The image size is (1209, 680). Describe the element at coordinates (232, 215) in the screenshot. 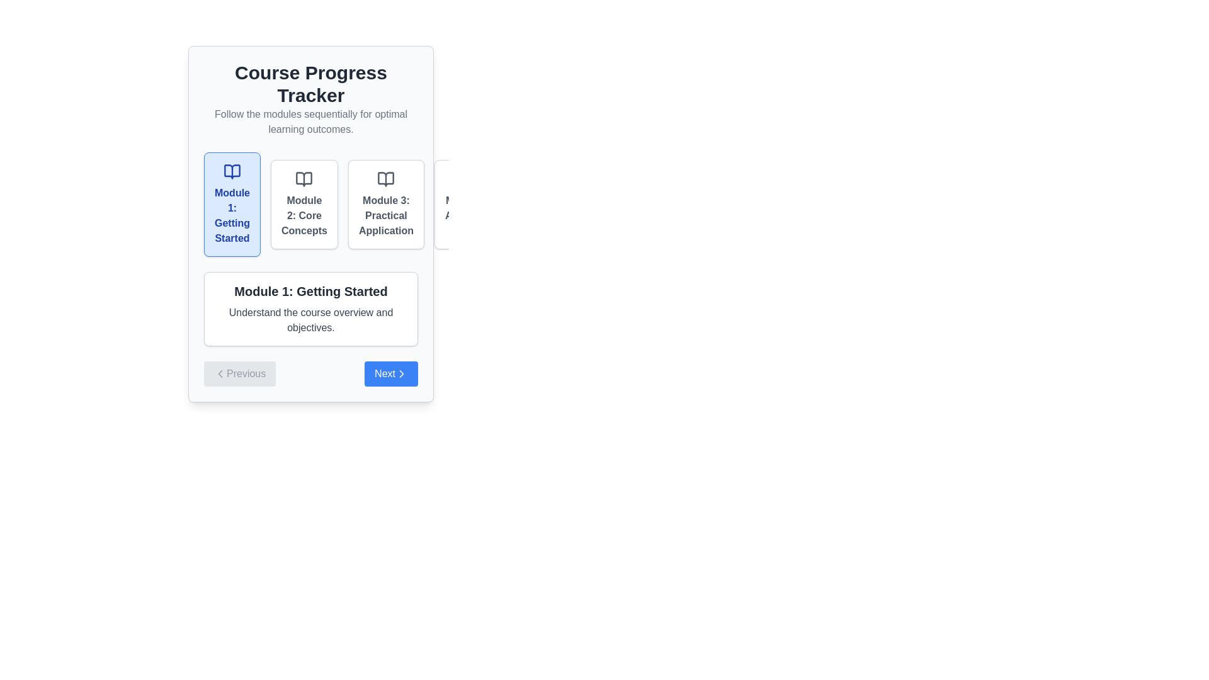

I see `the bold descriptive text label located at the center of the first module representation box in the course progress tracker, which provides its name and purpose to guide the user` at that location.